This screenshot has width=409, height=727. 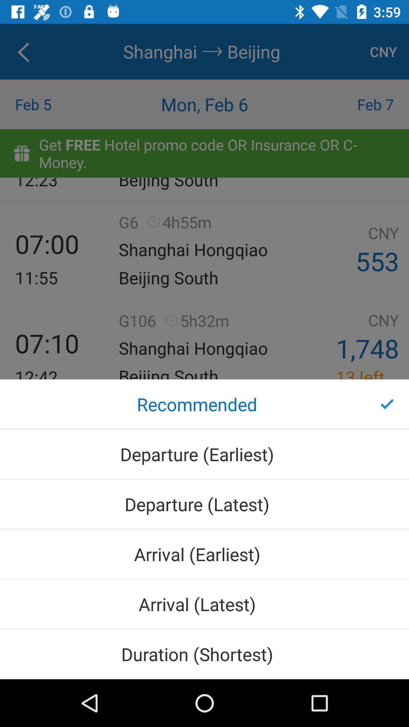 What do you see at coordinates (204, 604) in the screenshot?
I see `arrival (latest) icon` at bounding box center [204, 604].